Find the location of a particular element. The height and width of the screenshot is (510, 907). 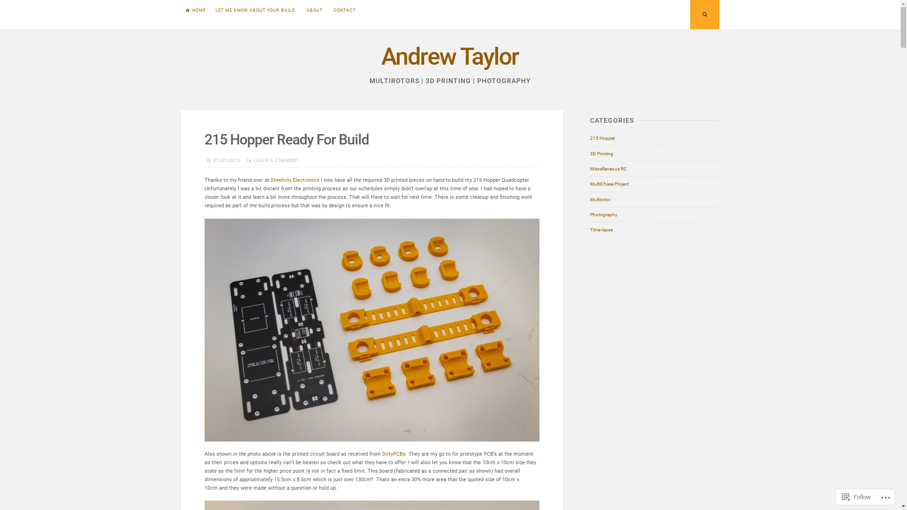

'215 Hopper Ready For Build' is located at coordinates (286, 139).